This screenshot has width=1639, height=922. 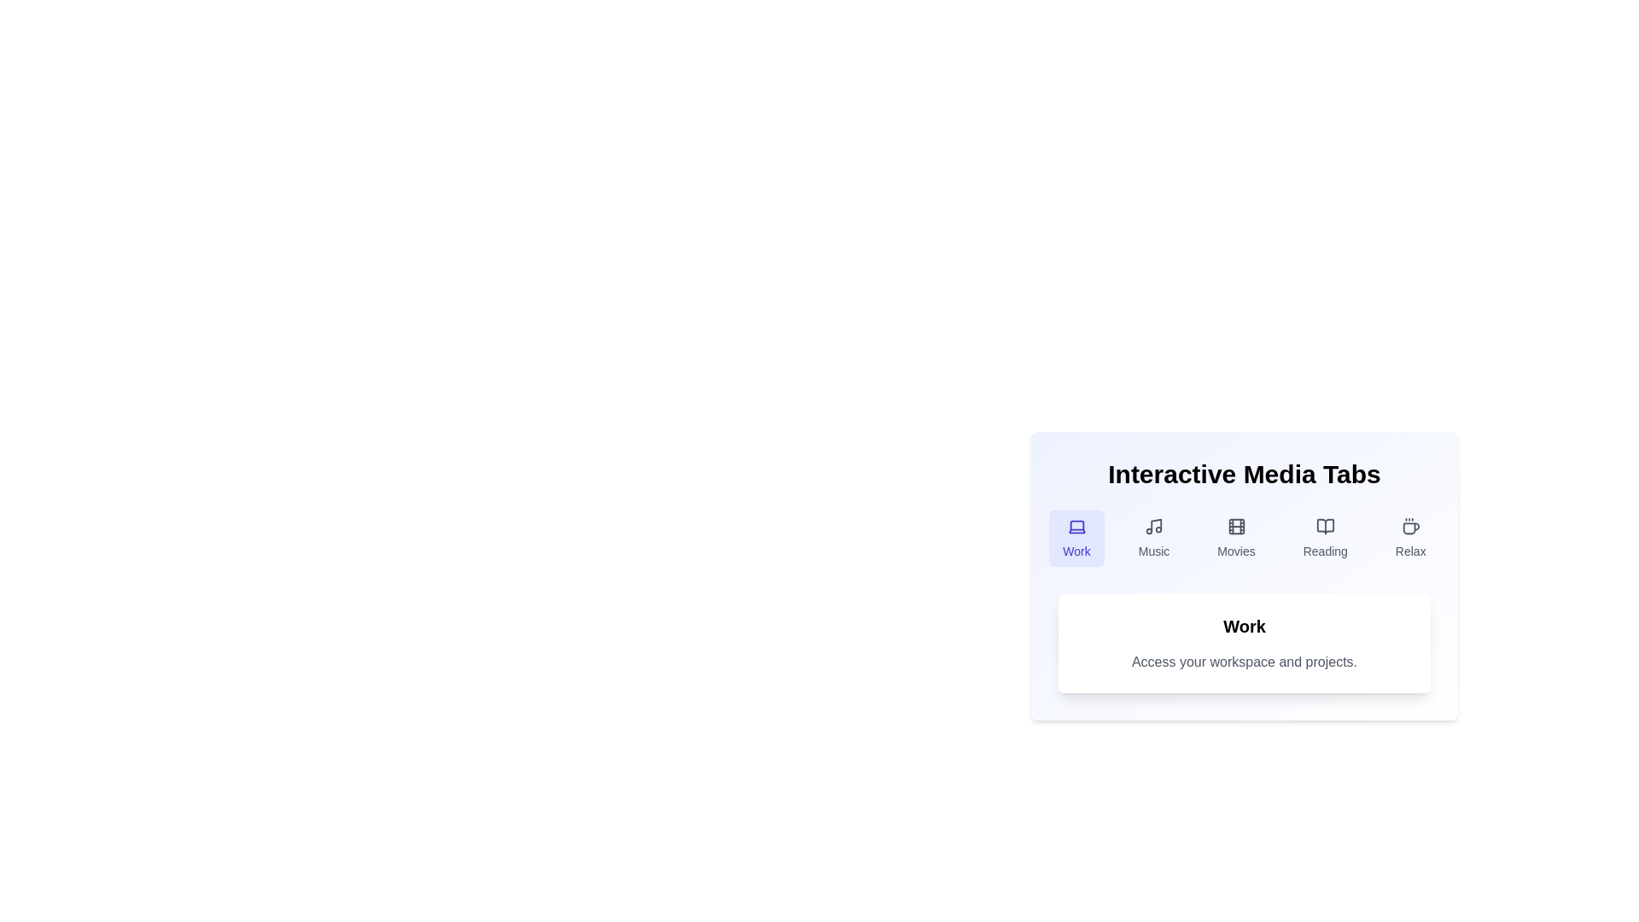 I want to click on the tab labeled Relax by clicking on it, so click(x=1410, y=539).